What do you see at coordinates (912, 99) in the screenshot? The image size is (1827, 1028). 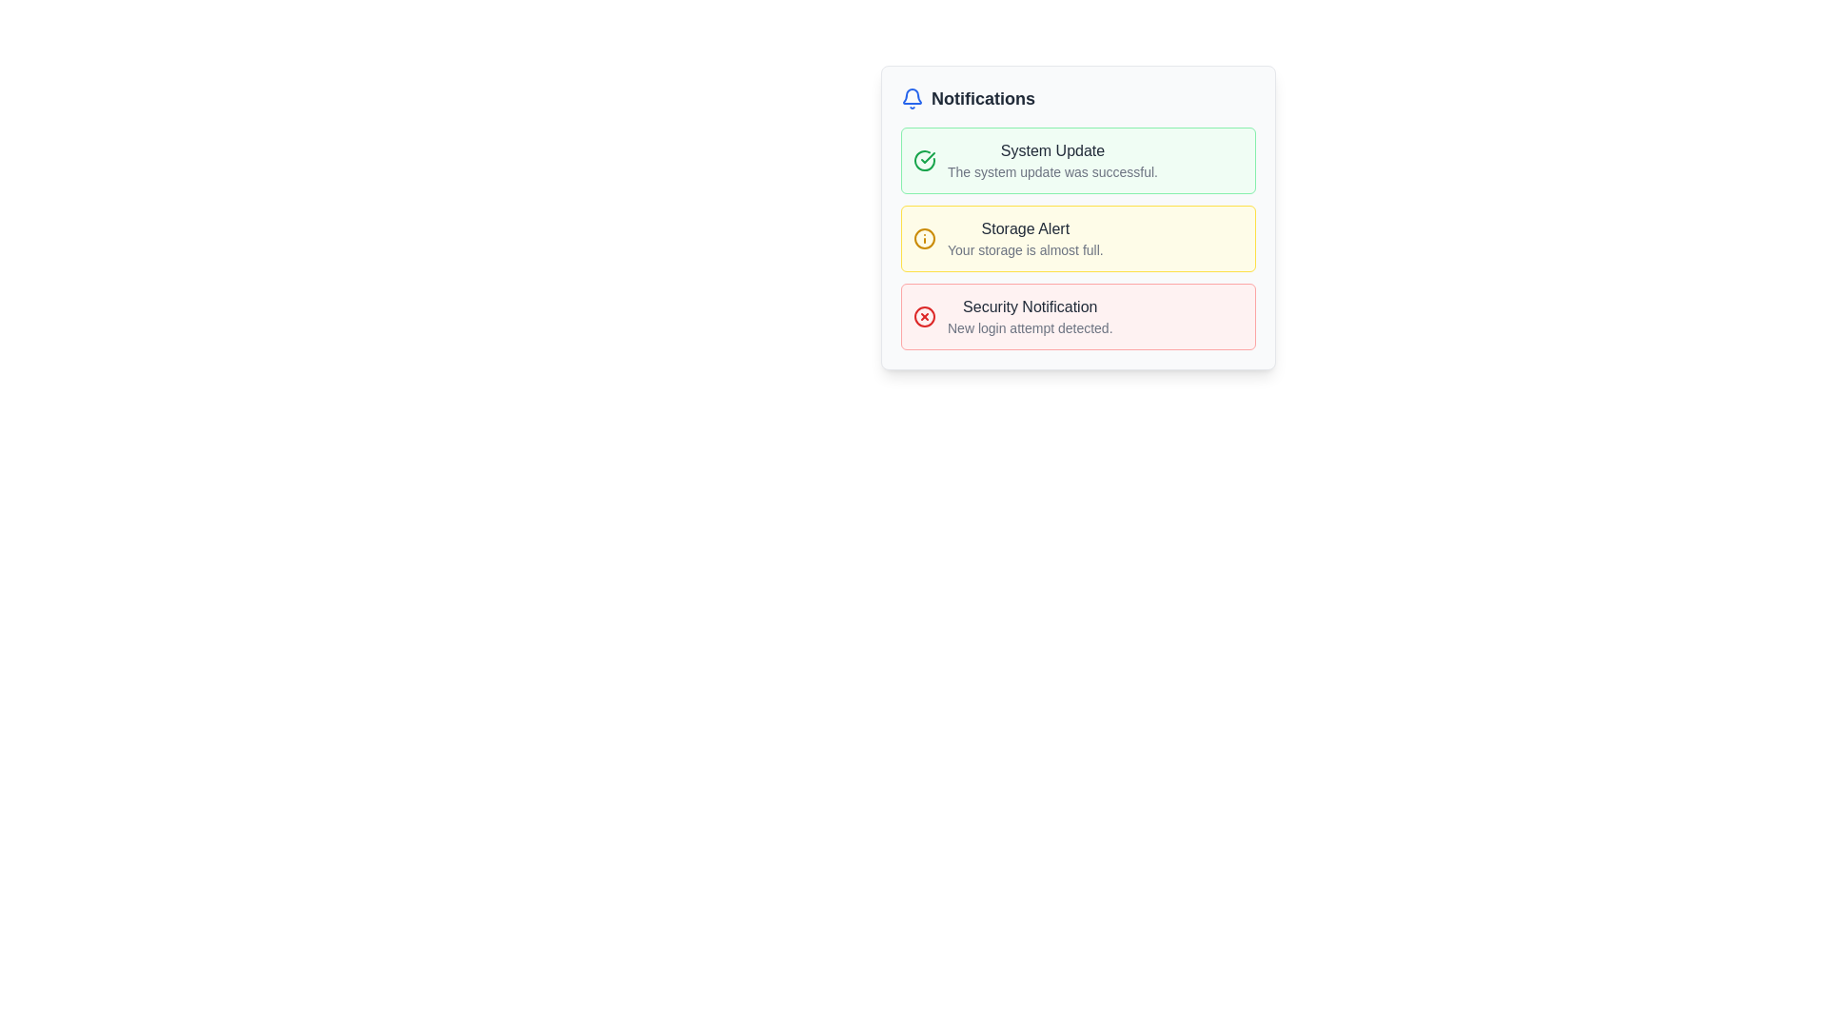 I see `the bell icon that indicates notifications, located near the top-left corner of the notification panel` at bounding box center [912, 99].